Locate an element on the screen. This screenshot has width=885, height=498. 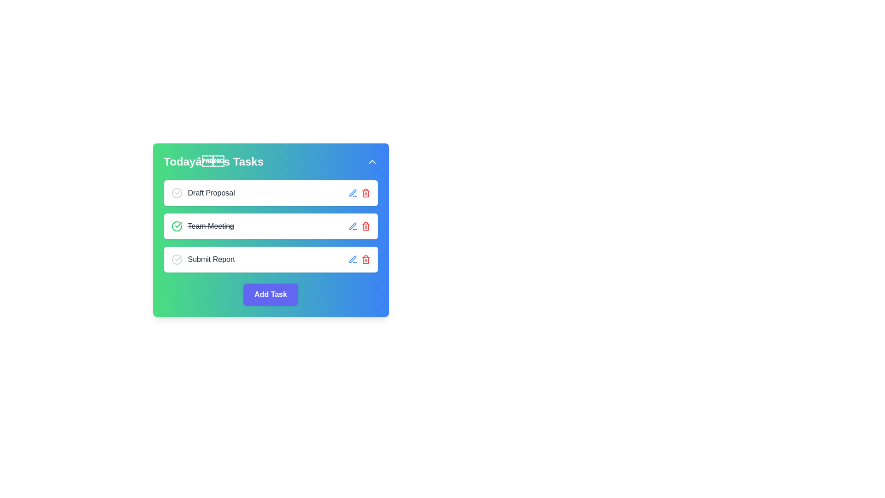
the Text label (heading) that displays the title for the section, located at the top-left corner of the card interface, adjacent to a chevron up icon is located at coordinates (213, 161).